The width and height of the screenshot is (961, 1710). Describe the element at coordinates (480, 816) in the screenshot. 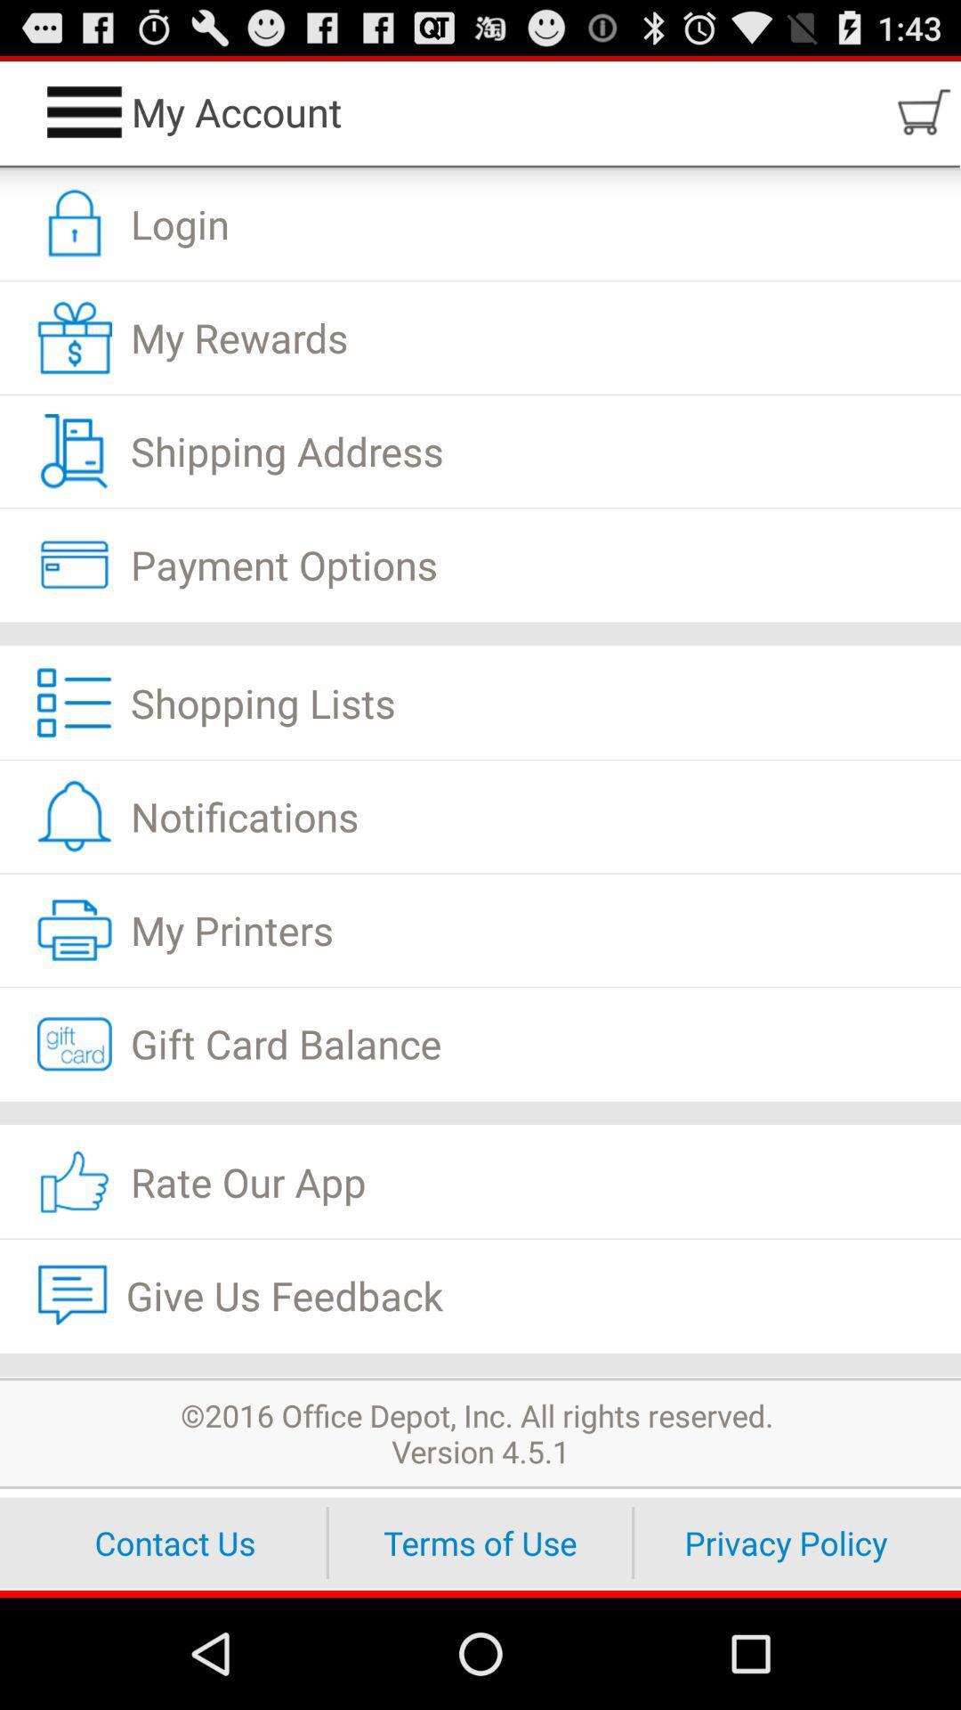

I see `item below the shopping lists item` at that location.